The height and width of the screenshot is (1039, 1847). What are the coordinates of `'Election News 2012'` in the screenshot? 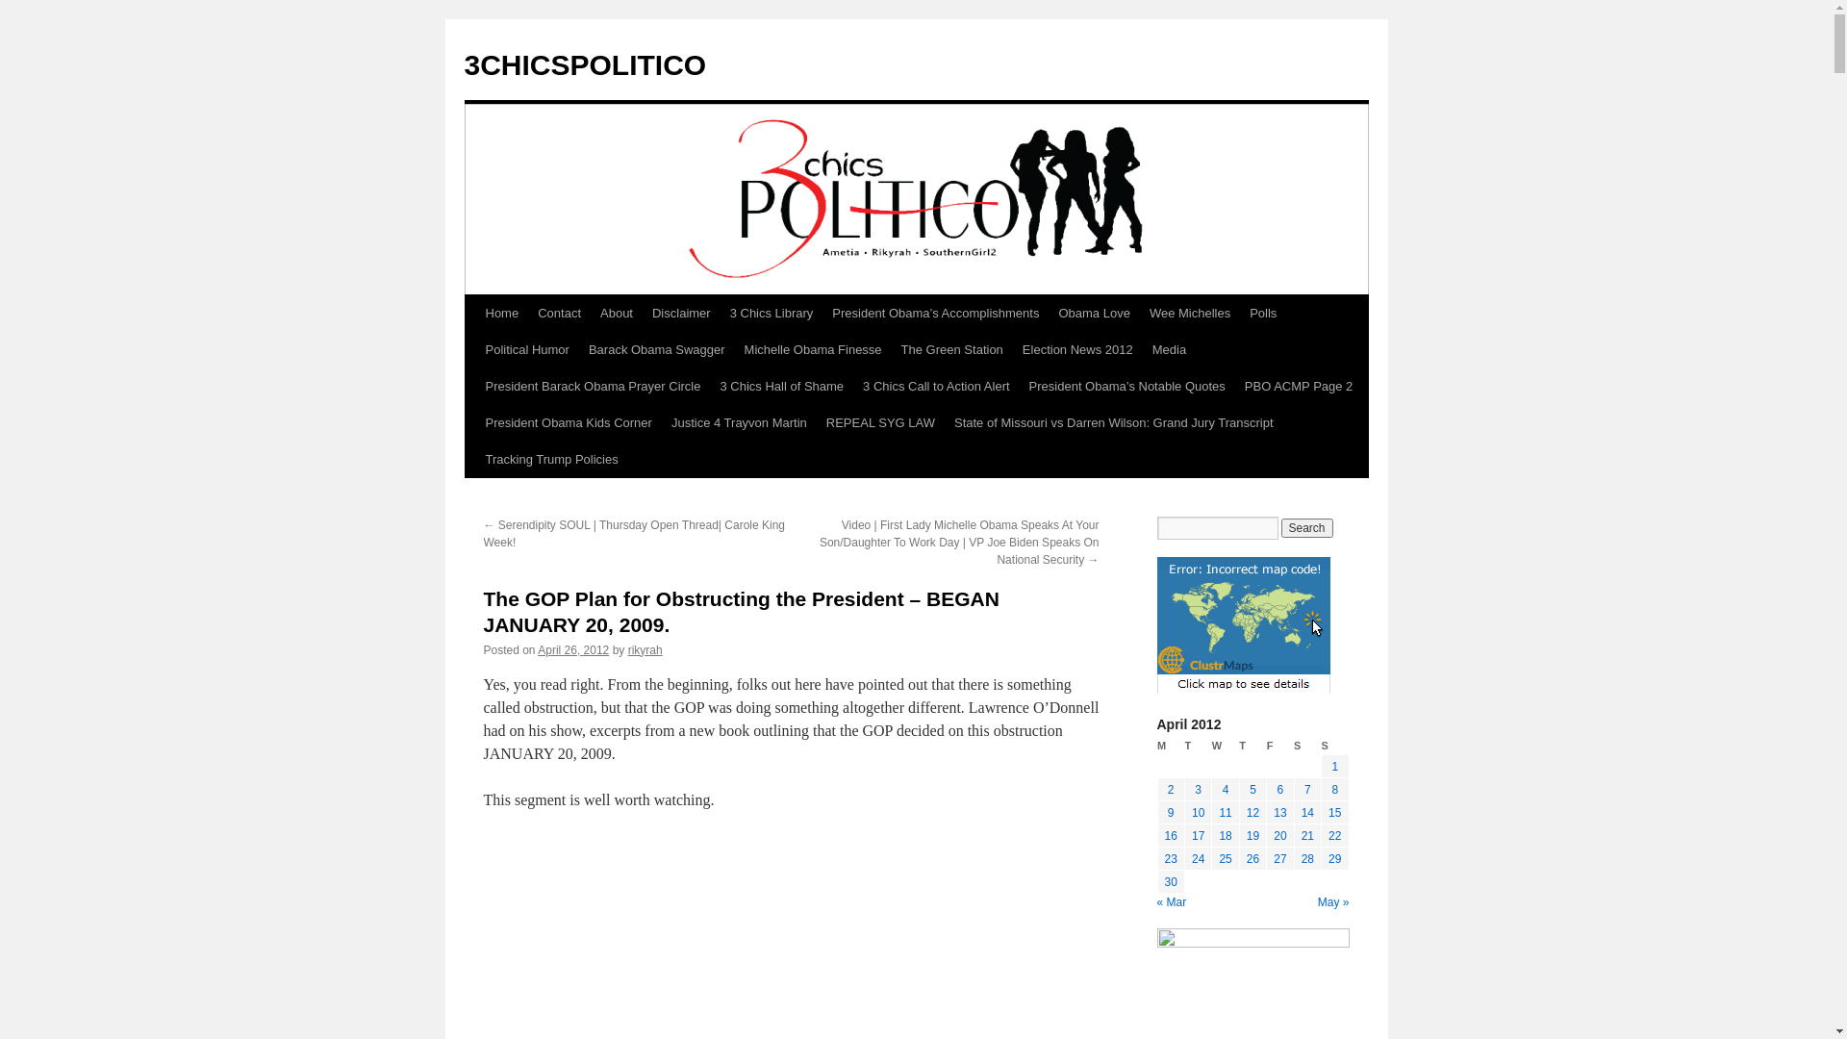 It's located at (1077, 349).